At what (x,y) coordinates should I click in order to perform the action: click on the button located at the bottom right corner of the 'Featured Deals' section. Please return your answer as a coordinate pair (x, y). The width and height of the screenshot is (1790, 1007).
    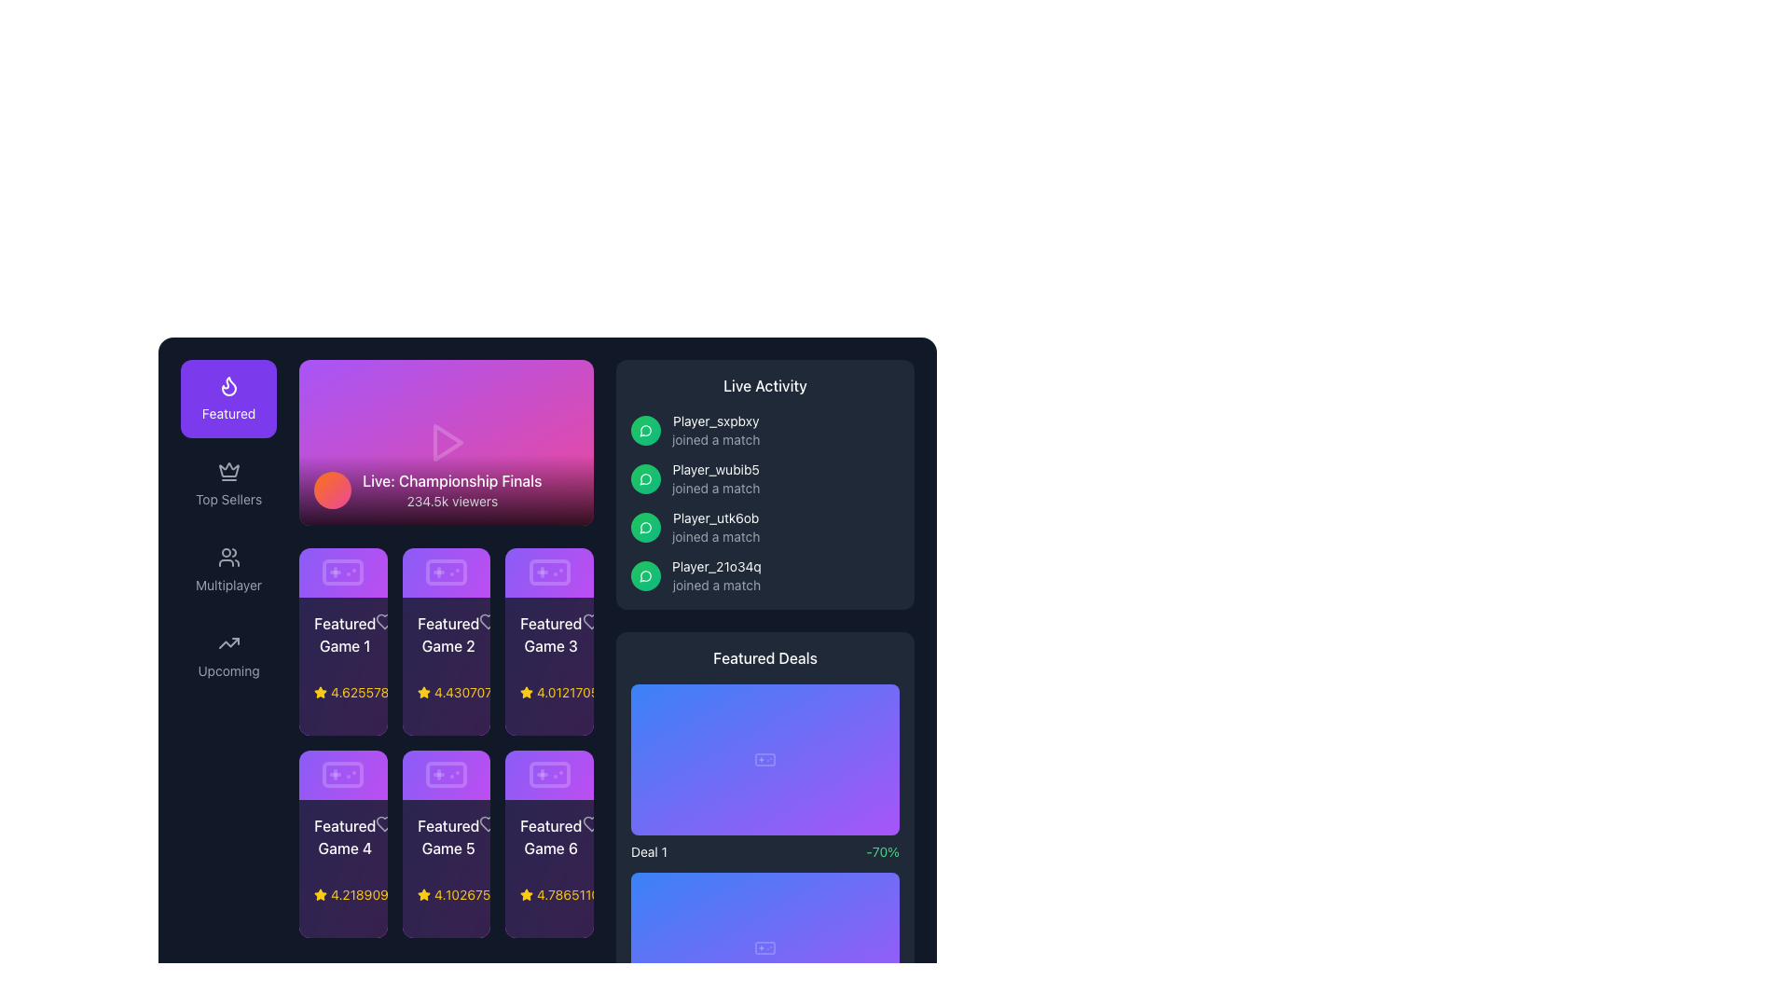
    Looking at the image, I should click on (906, 894).